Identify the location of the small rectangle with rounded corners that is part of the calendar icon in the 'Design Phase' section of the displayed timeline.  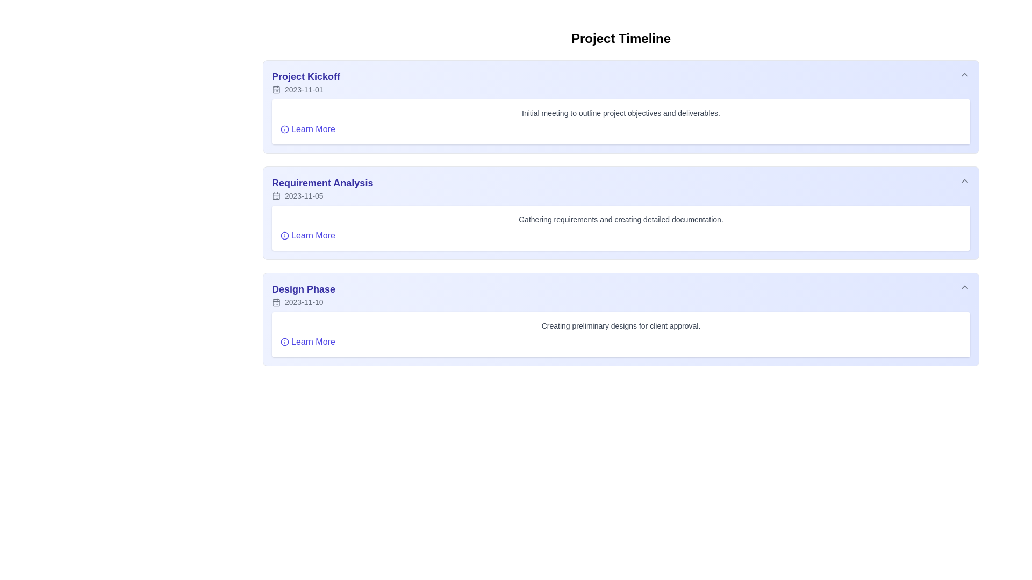
(276, 302).